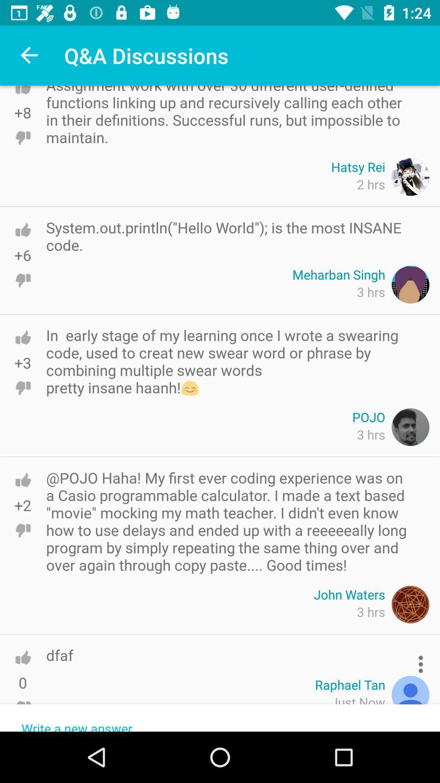 The width and height of the screenshot is (440, 783). Describe the element at coordinates (22, 98) in the screenshot. I see `go back` at that location.